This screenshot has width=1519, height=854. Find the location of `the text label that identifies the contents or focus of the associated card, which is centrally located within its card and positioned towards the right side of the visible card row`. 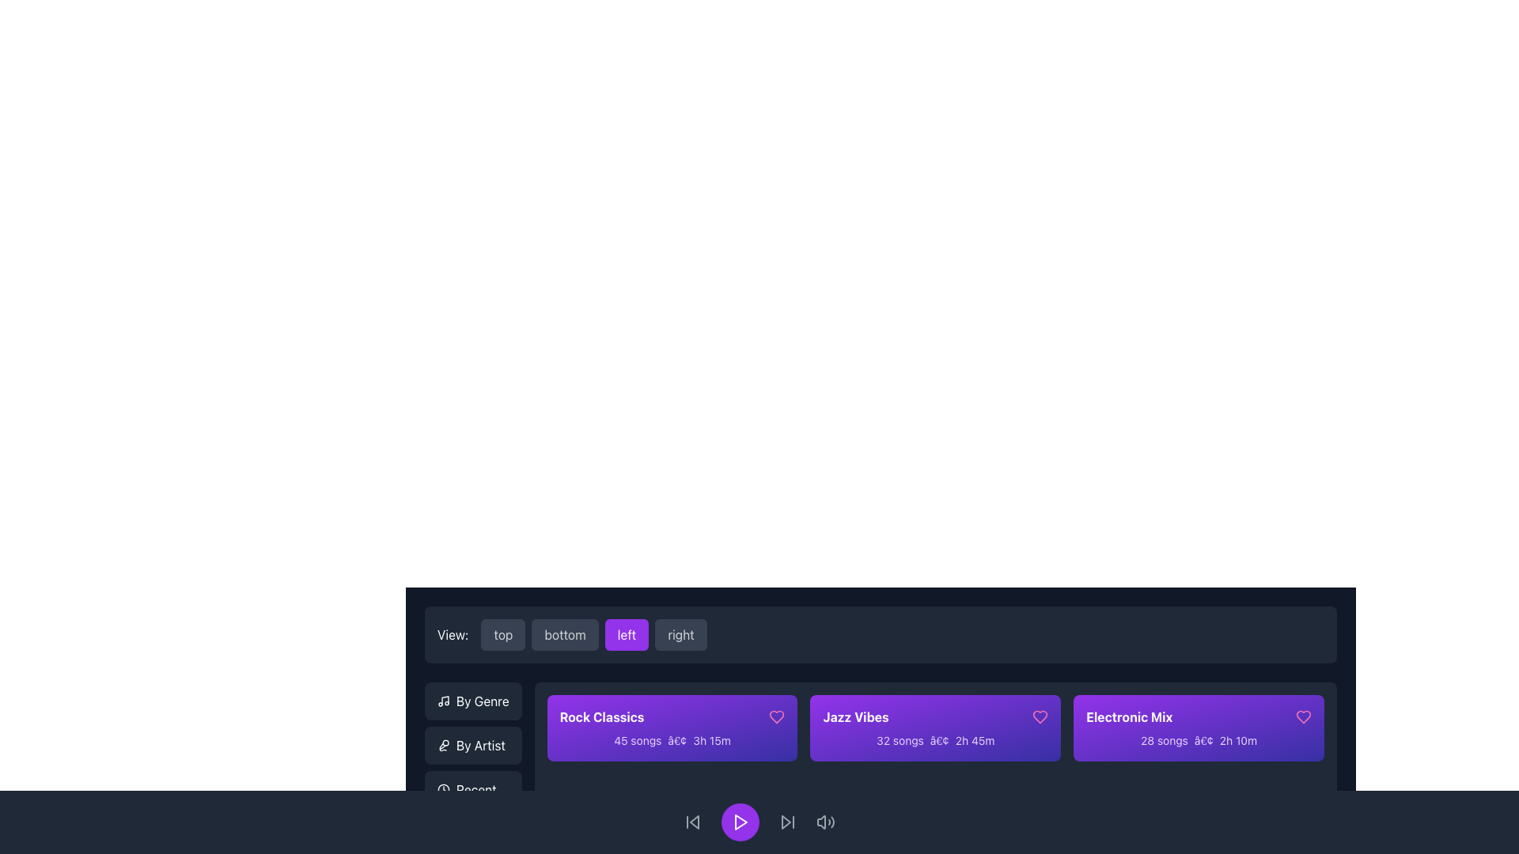

the text label that identifies the contents or focus of the associated card, which is centrally located within its card and positioned towards the right side of the visible card row is located at coordinates (1128, 716).